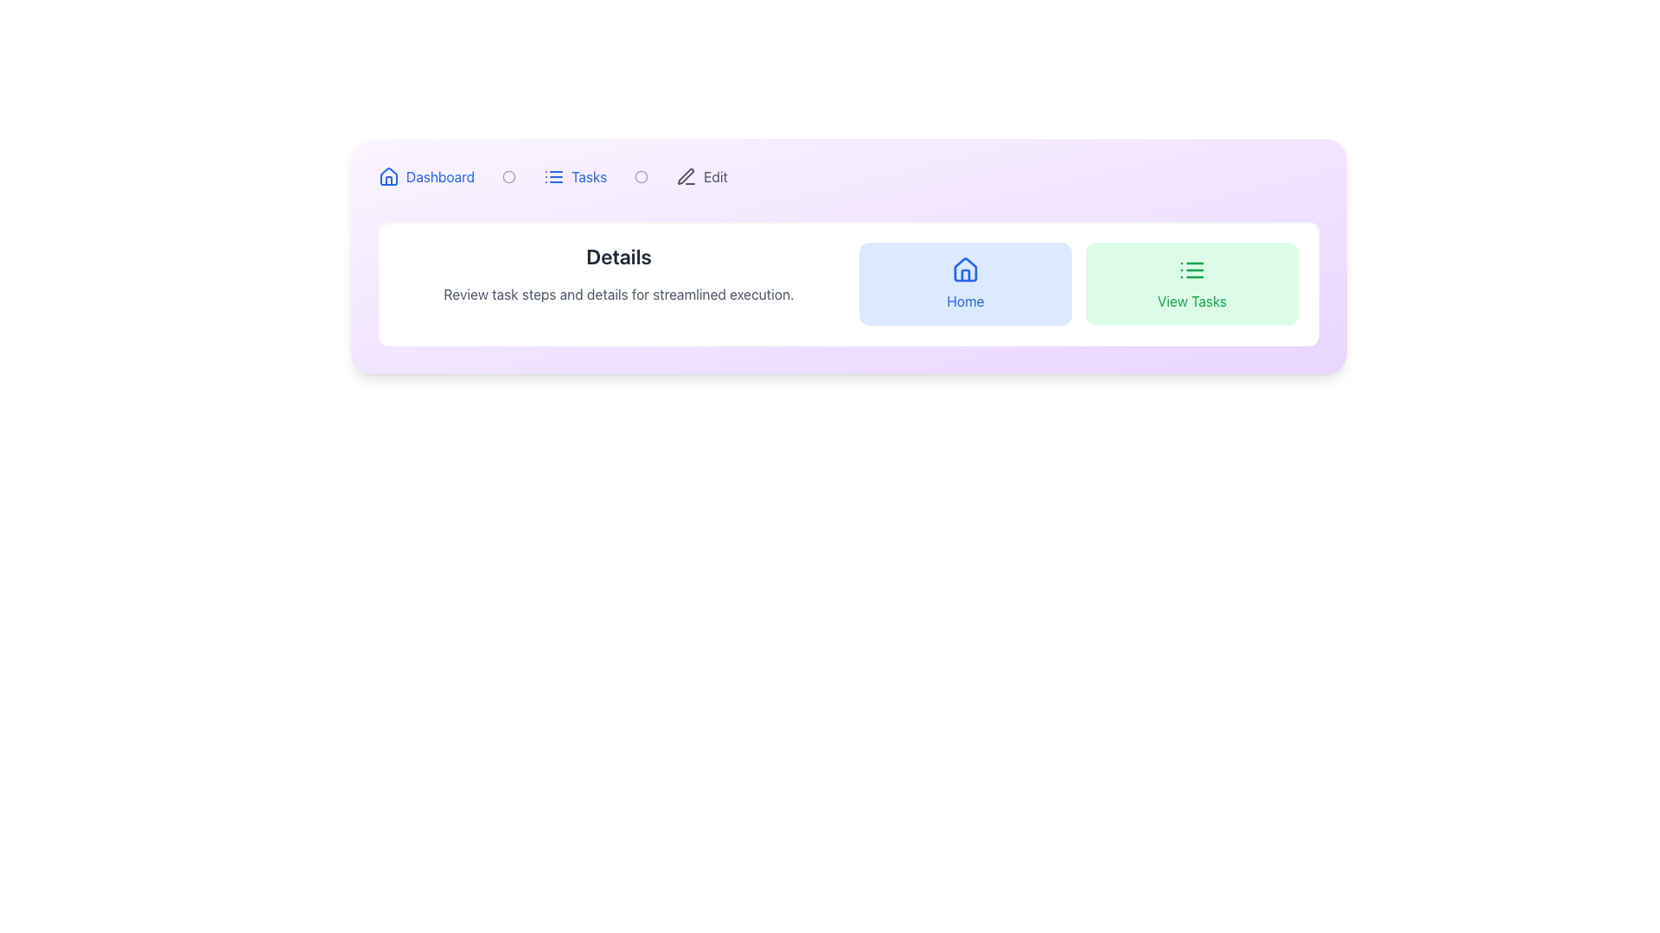 This screenshot has width=1660, height=933. What do you see at coordinates (1191, 282) in the screenshot?
I see `the 'View Tasks' button, which has a light green background, rounded corners, and features a green list icon above the text, located on the right side beneath the 'Details' section` at bounding box center [1191, 282].